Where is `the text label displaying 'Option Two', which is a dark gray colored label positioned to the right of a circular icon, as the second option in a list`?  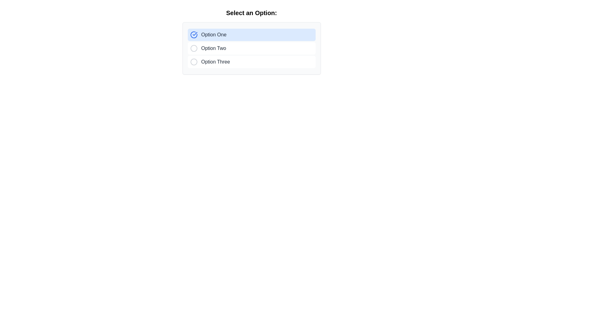
the text label displaying 'Option Two', which is a dark gray colored label positioned to the right of a circular icon, as the second option in a list is located at coordinates (213, 48).